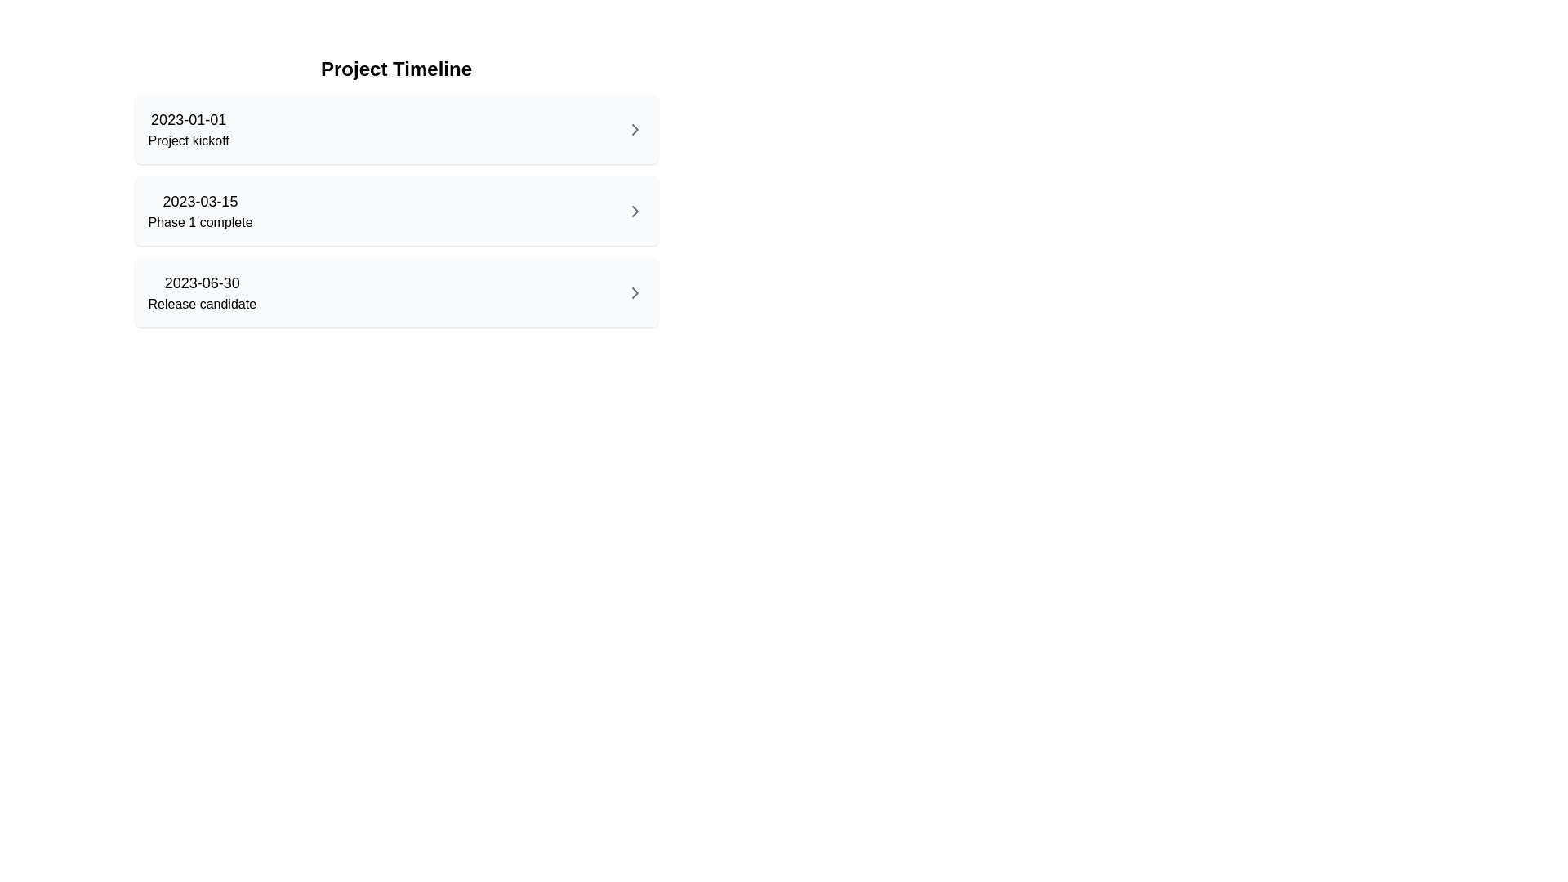 Image resolution: width=1568 pixels, height=882 pixels. I want to click on the text label displaying 'Project kickoff', which is aligned left below the date '2023-01-01' in the first card of the 'Project Timeline' section, so click(189, 140).